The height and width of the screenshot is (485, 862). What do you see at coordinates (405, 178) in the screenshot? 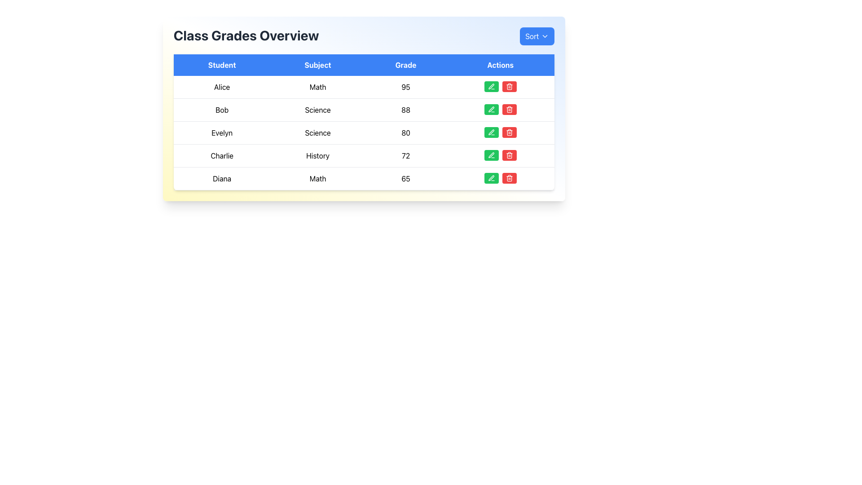
I see `the numerical text '65' displayed in black font within the 'Grade' column of the table, which corresponds to the row for 'Diana'` at bounding box center [405, 178].